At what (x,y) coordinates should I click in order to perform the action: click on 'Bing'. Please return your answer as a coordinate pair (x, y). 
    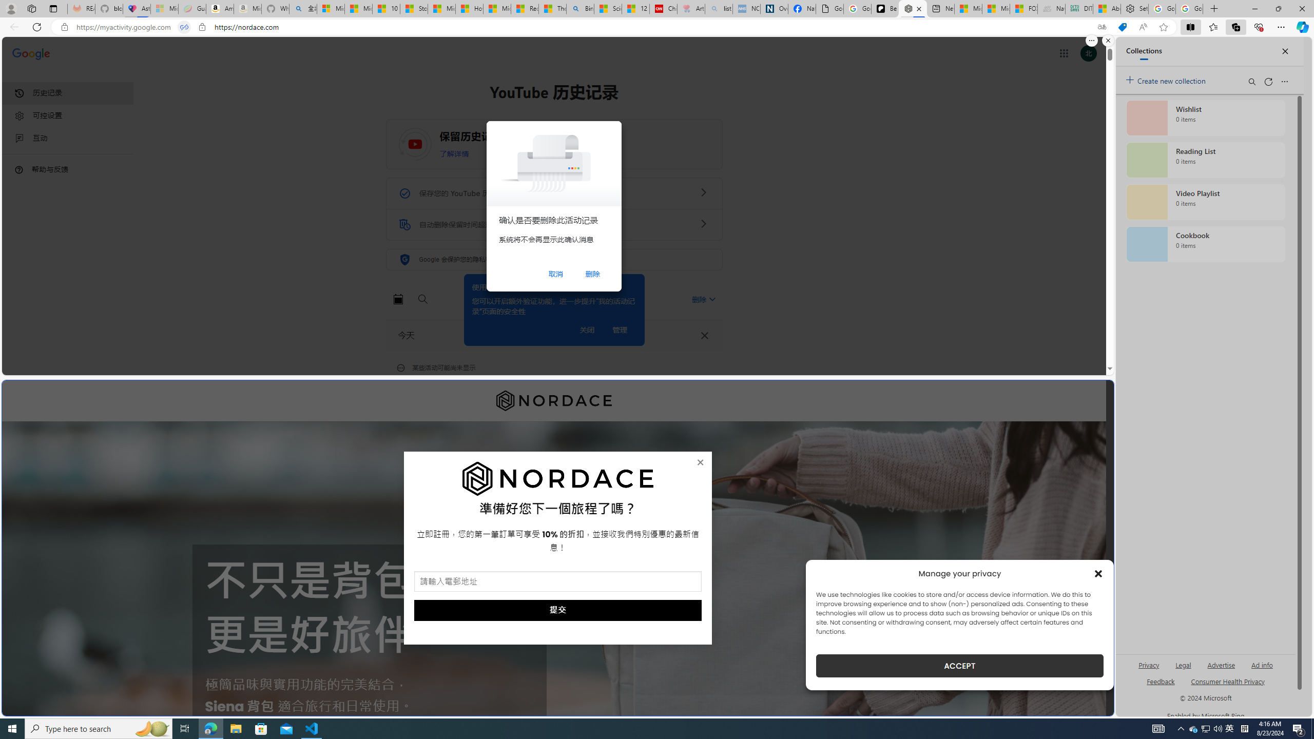
    Looking at the image, I should click on (579, 8).